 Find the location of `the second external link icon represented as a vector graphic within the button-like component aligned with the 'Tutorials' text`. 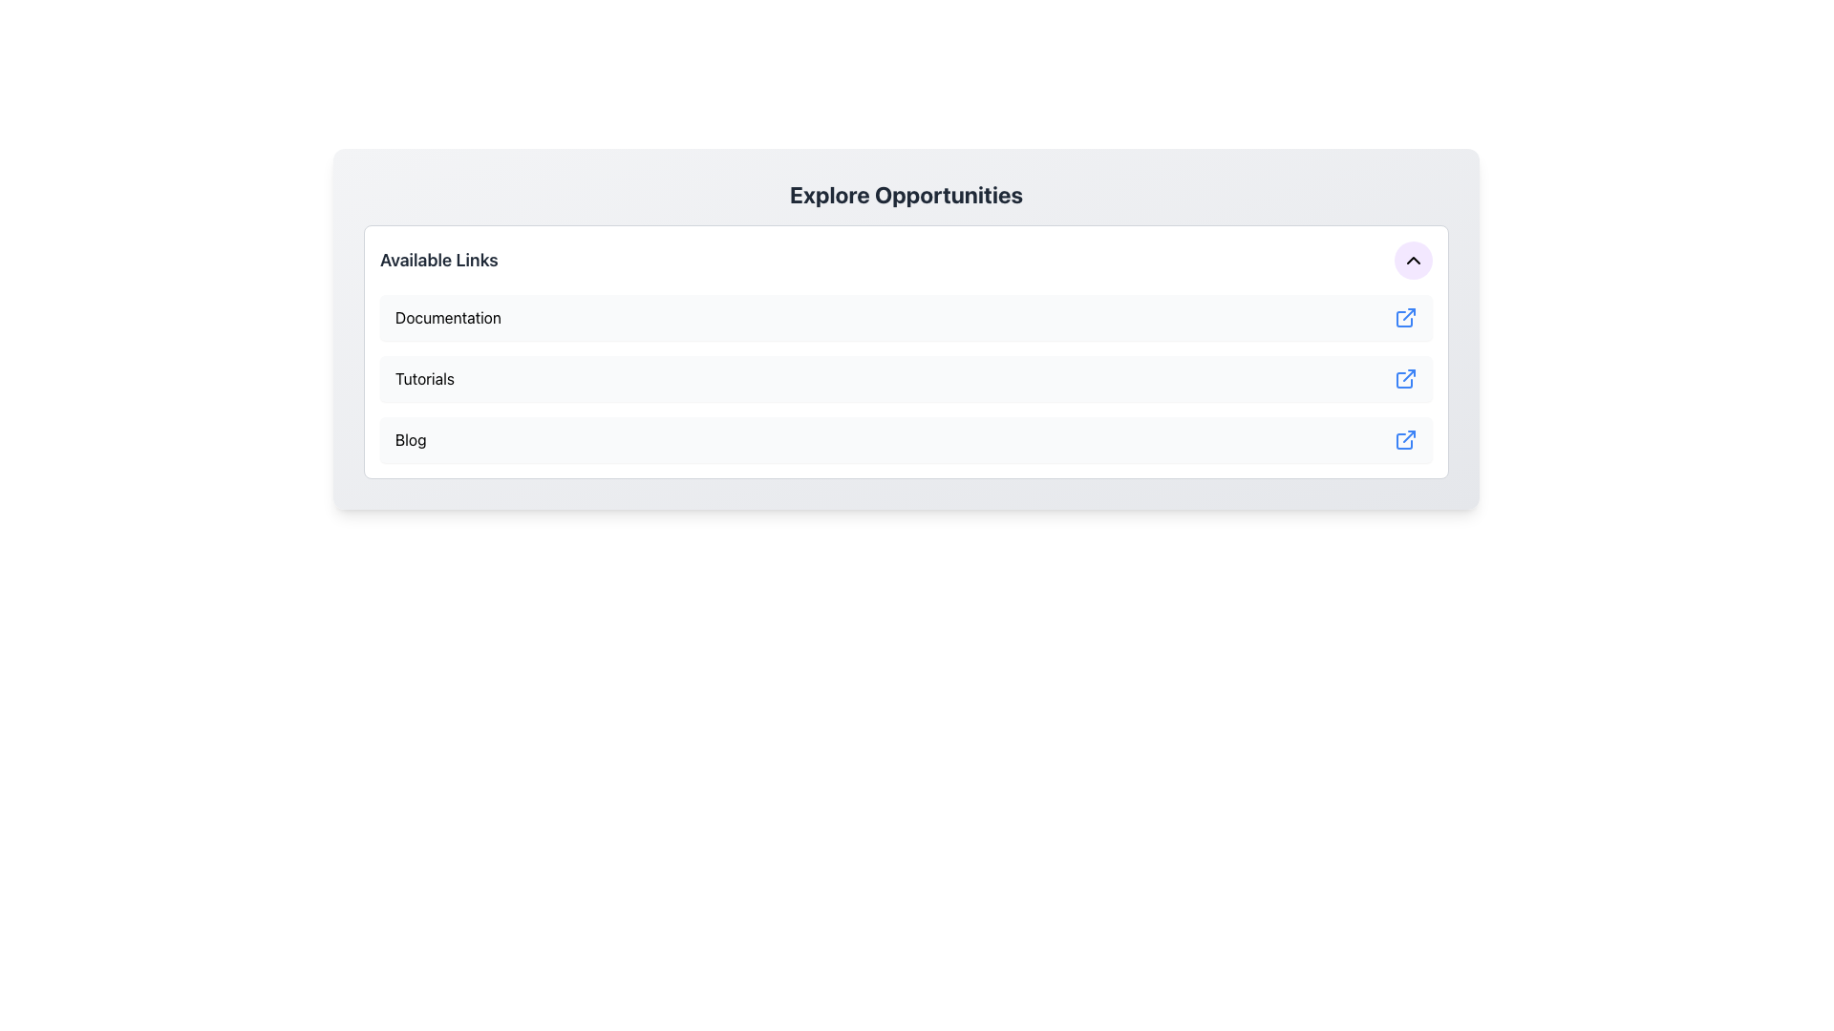

the second external link icon represented as a vector graphic within the button-like component aligned with the 'Tutorials' text is located at coordinates (1404, 380).